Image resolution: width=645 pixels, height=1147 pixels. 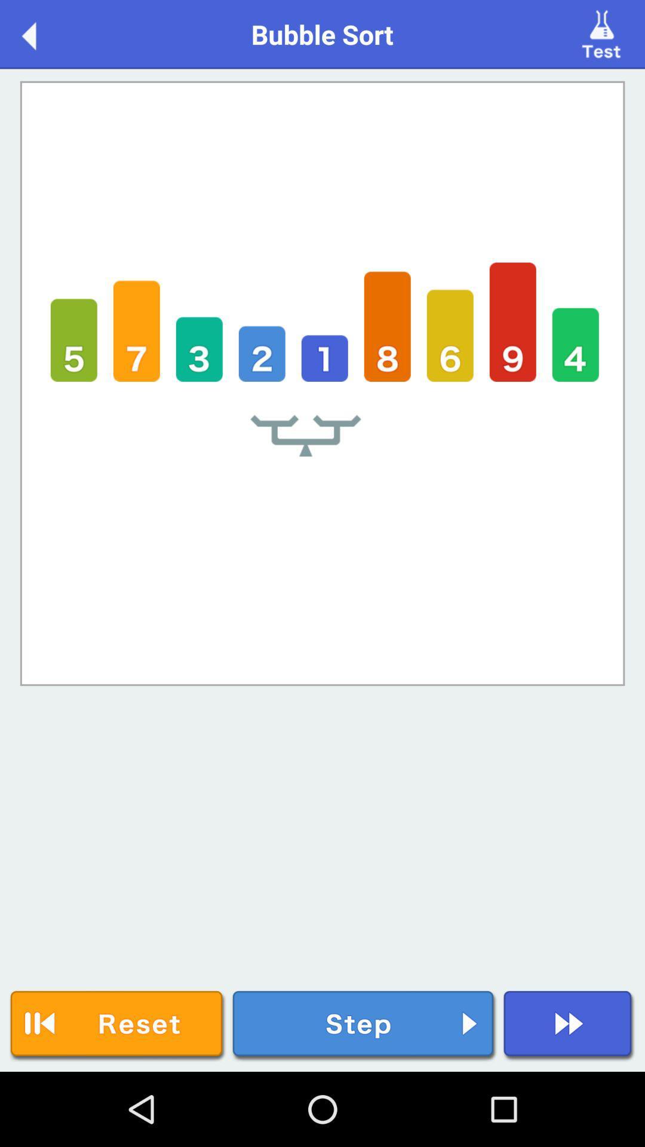 What do you see at coordinates (603, 33) in the screenshot?
I see `test icon` at bounding box center [603, 33].